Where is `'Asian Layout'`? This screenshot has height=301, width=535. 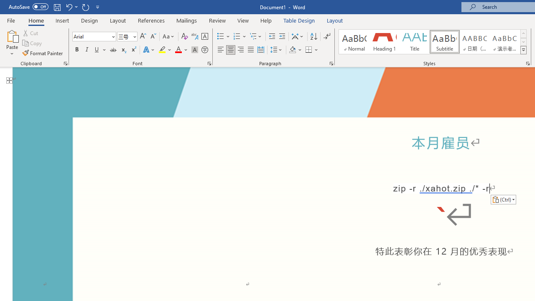
'Asian Layout' is located at coordinates (298, 36).